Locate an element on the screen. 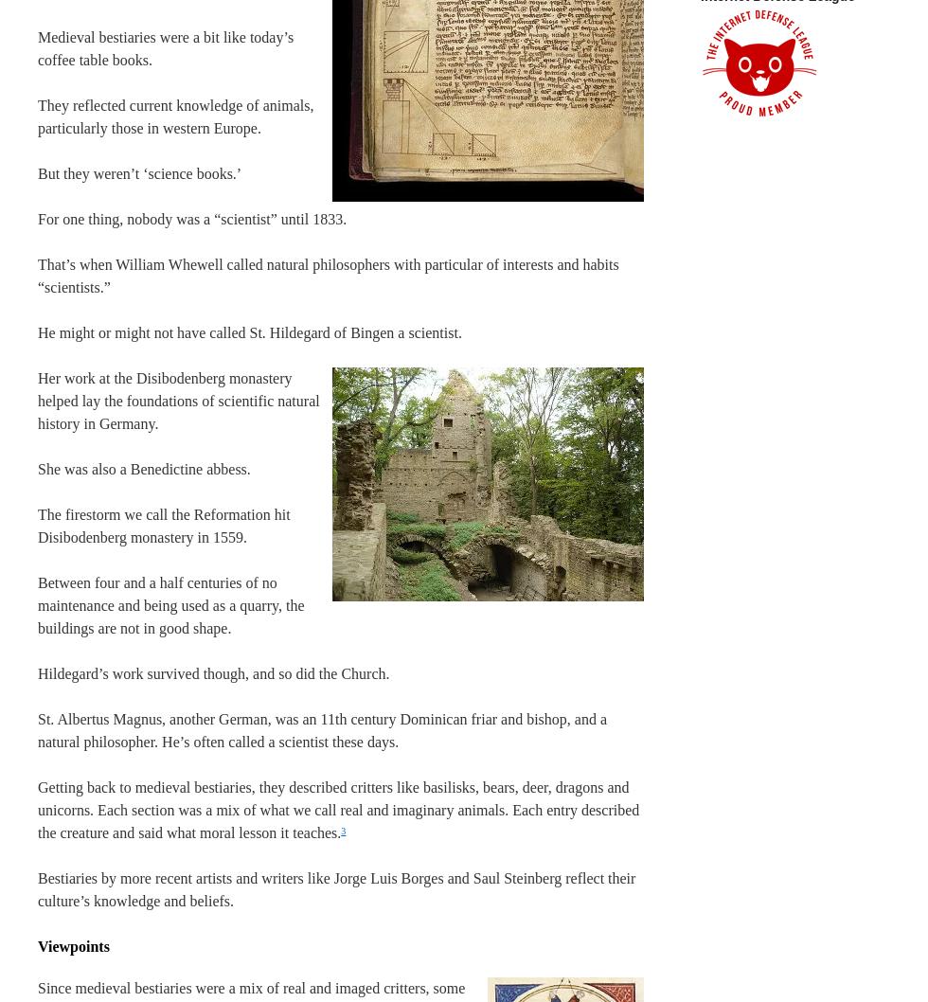 The width and height of the screenshot is (928, 1002). 'But they weren’t ‘science books.’' is located at coordinates (139, 173).